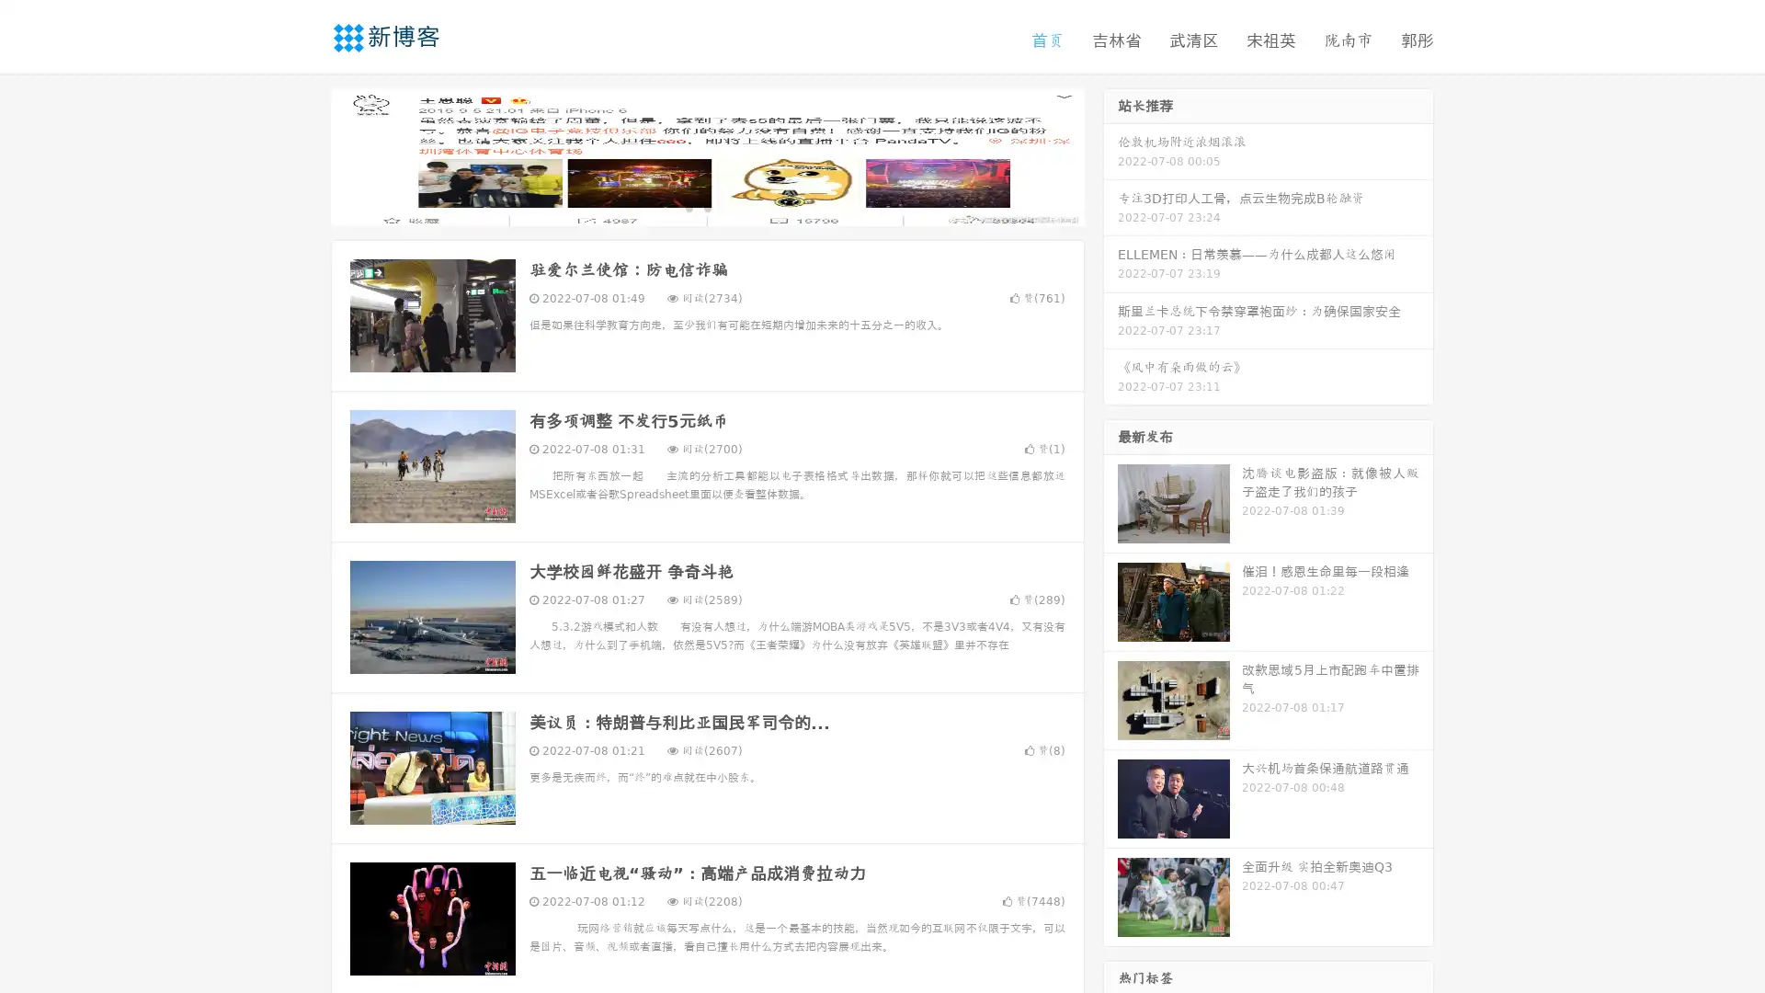 Image resolution: width=1765 pixels, height=993 pixels. What do you see at coordinates (303, 154) in the screenshot?
I see `Previous slide` at bounding box center [303, 154].